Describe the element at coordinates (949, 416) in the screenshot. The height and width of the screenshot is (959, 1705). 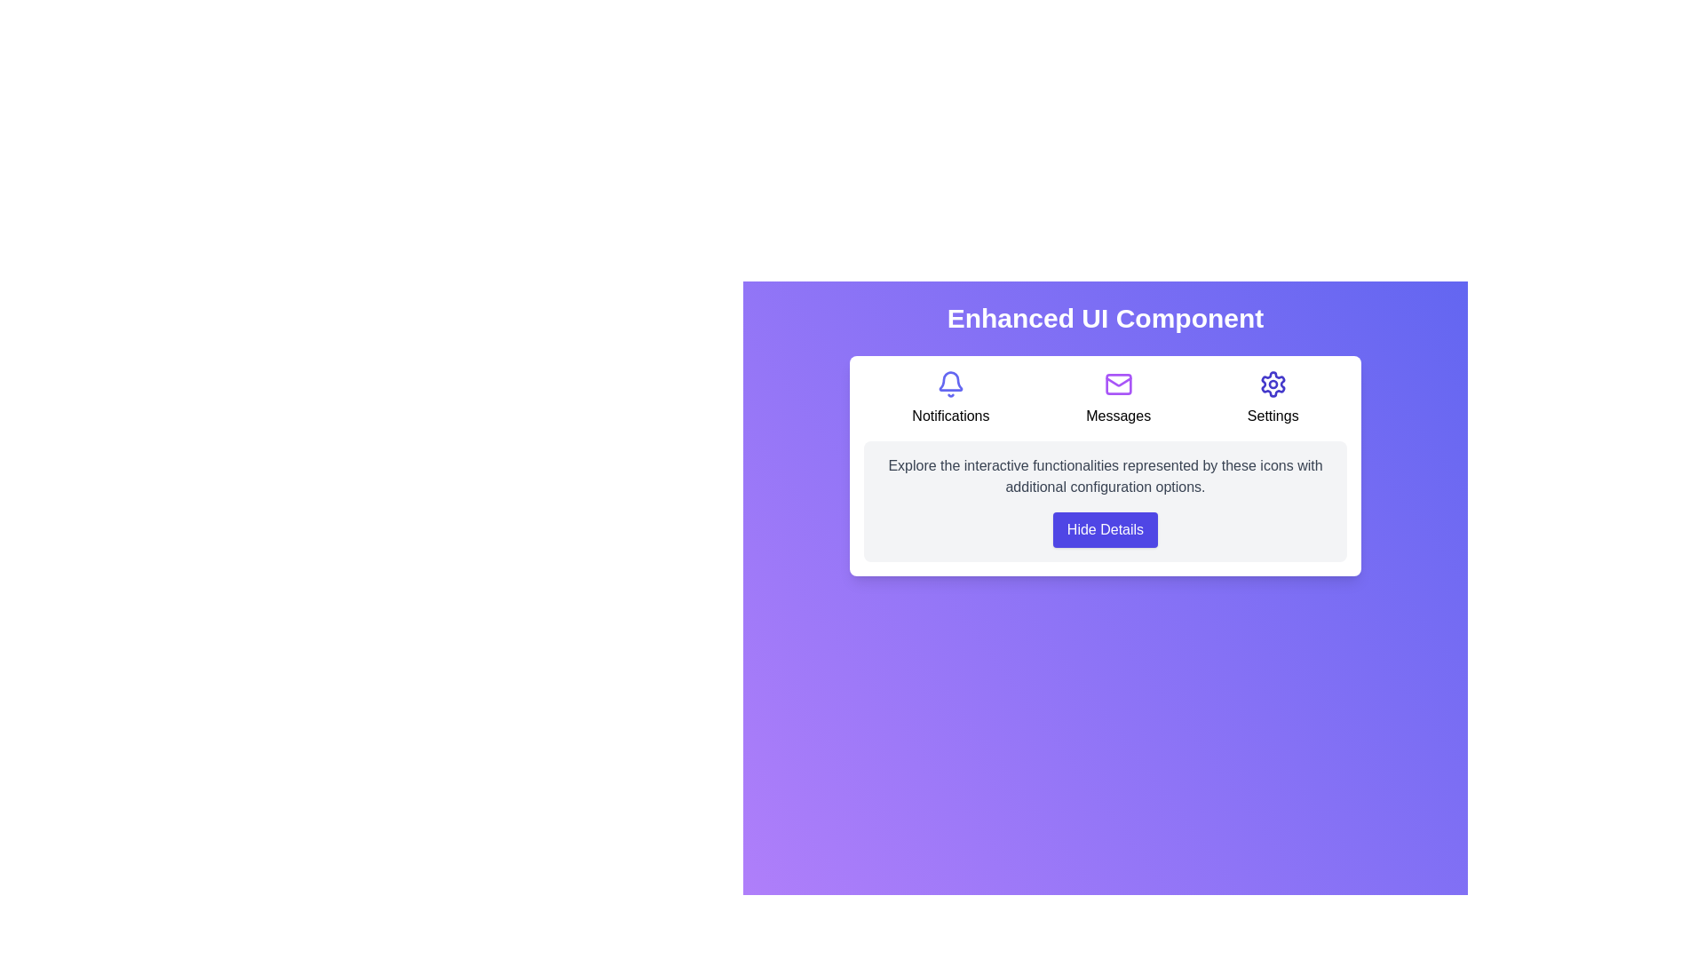
I see `the text label displaying 'Notifications', which is the first element in a horizontal row of text labels and icons, located below the bell-shaped icon` at that location.